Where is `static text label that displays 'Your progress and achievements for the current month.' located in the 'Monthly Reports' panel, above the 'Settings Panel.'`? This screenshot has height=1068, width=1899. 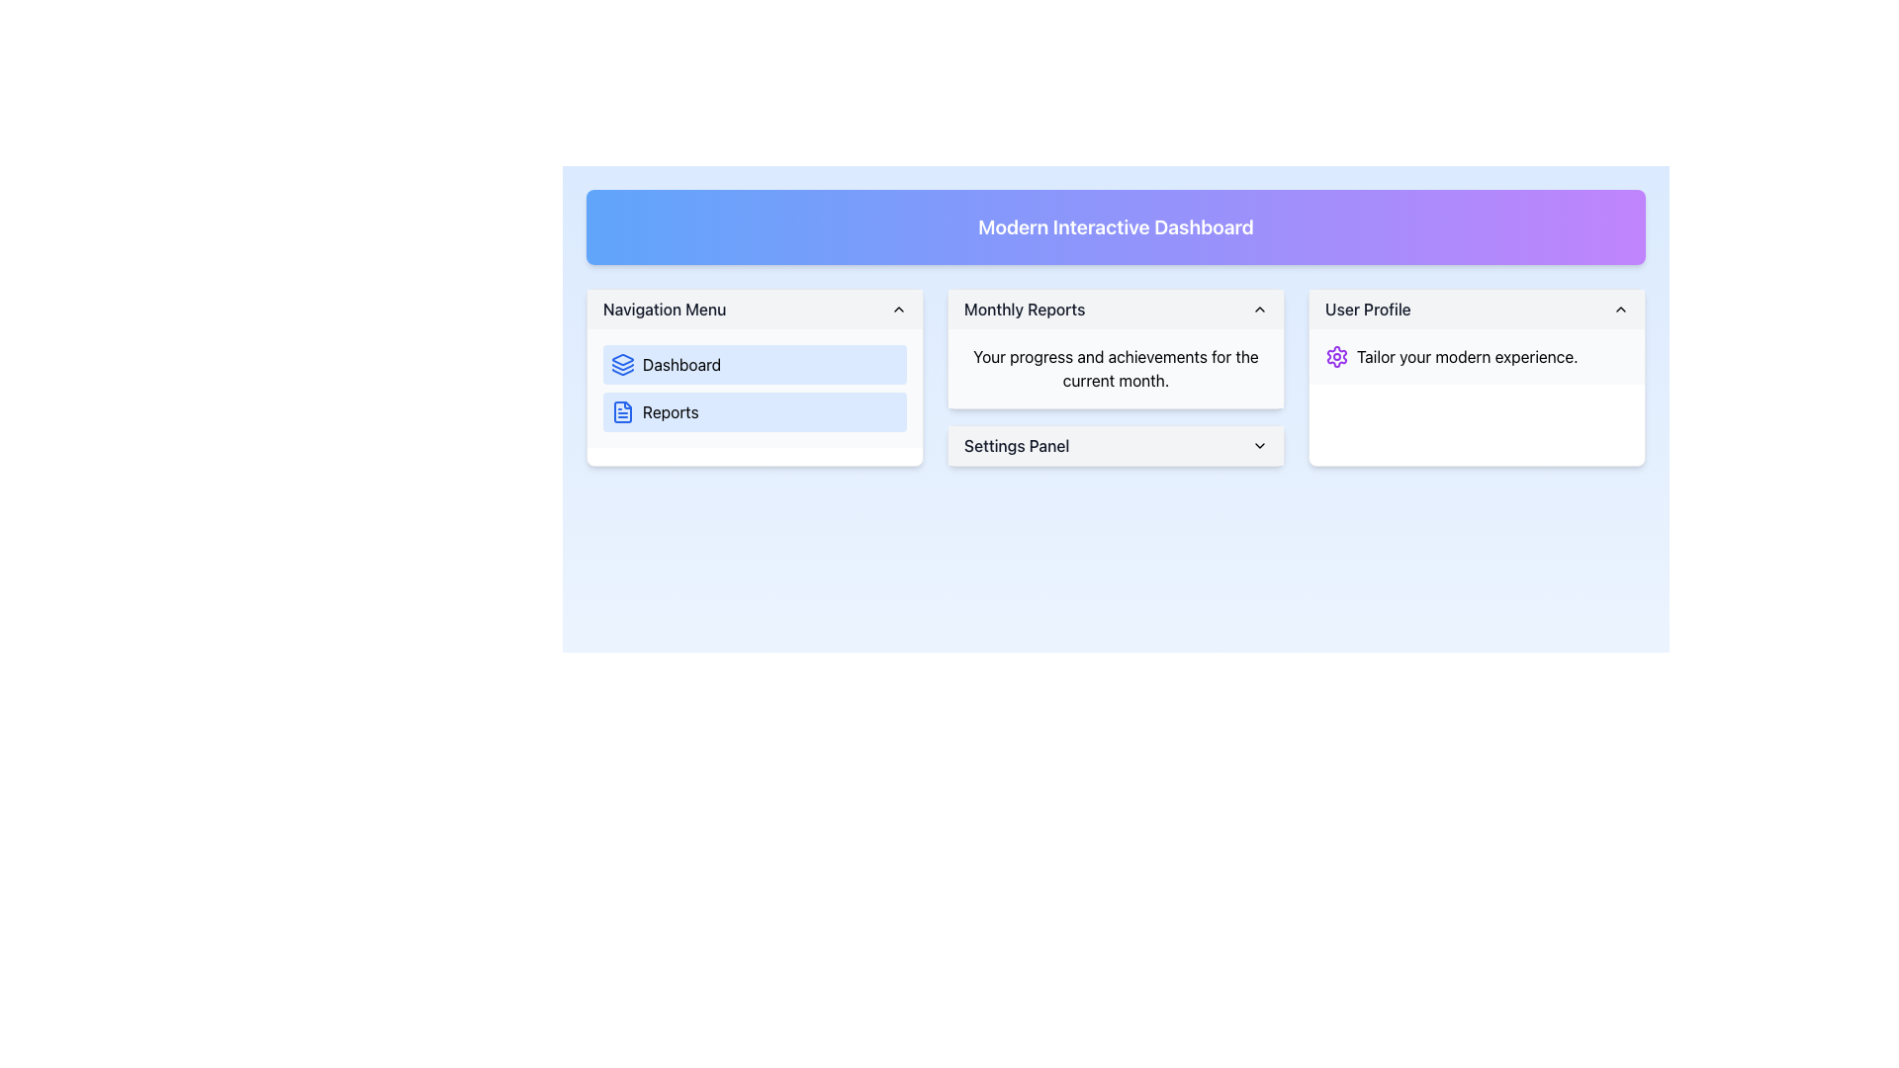 static text label that displays 'Your progress and achievements for the current month.' located in the 'Monthly Reports' panel, above the 'Settings Panel.' is located at coordinates (1116, 369).